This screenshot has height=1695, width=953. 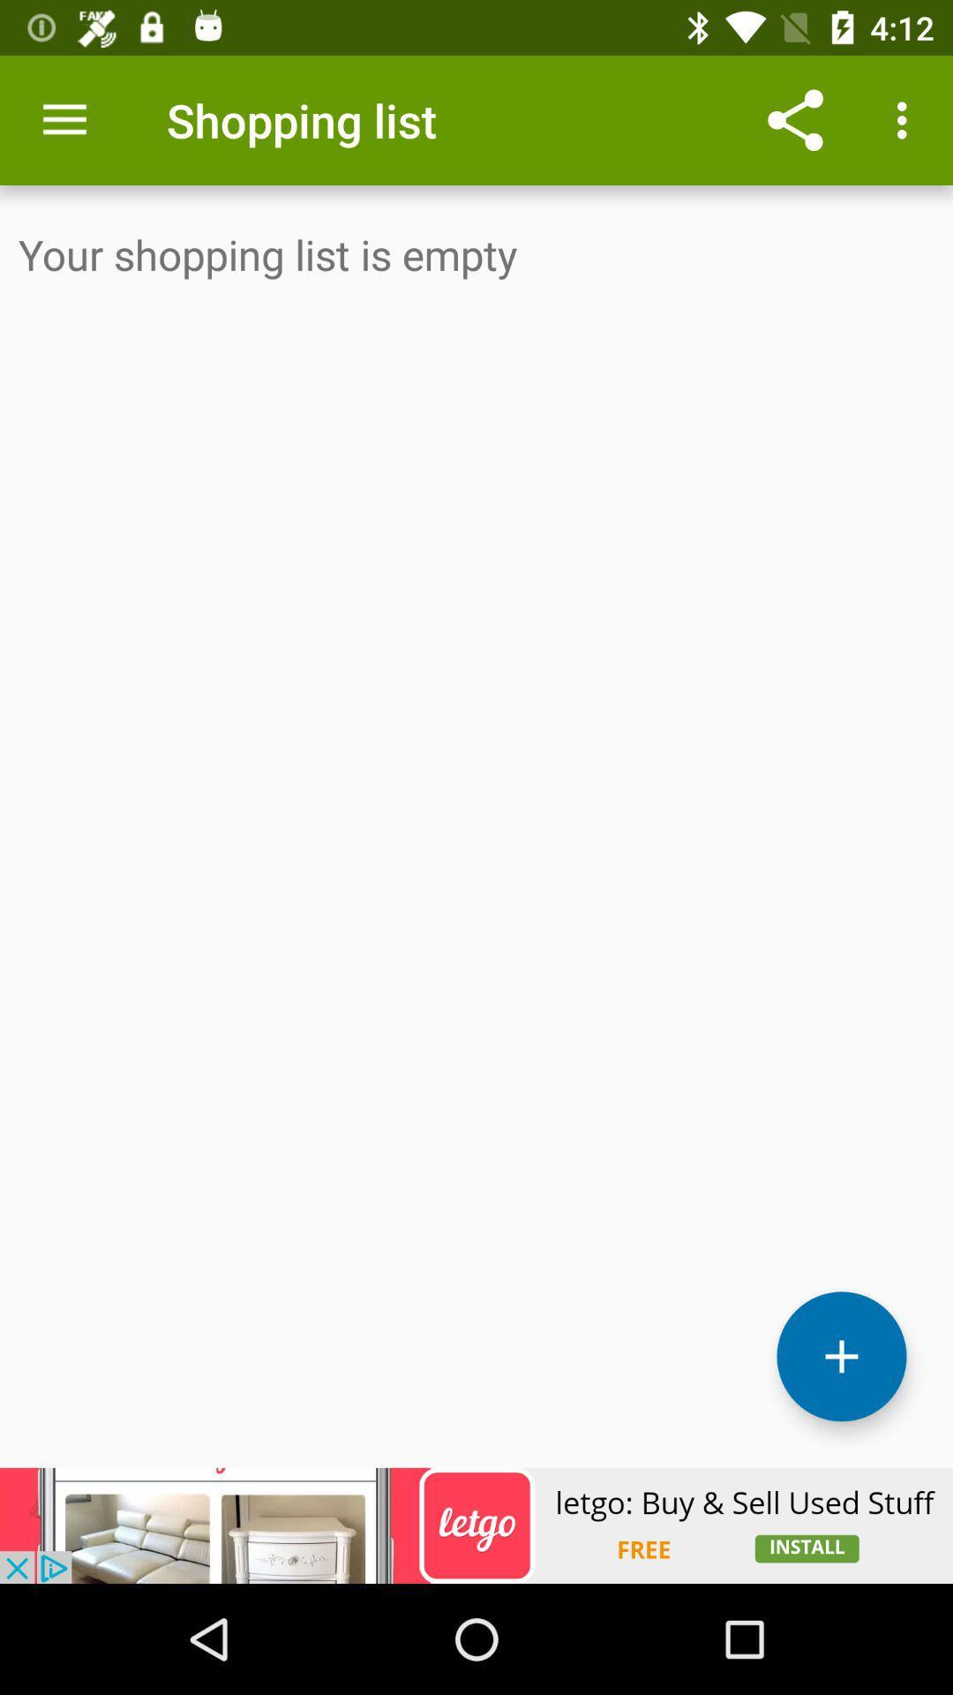 I want to click on the add icon, so click(x=840, y=1355).